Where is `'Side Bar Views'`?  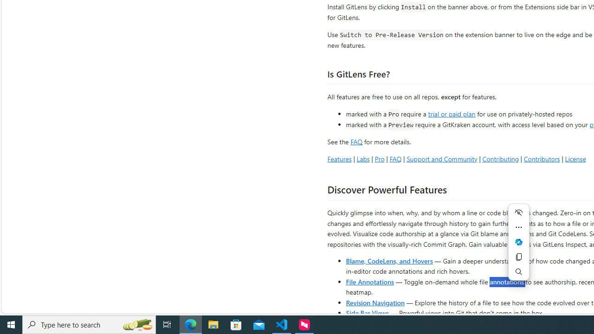
'Side Bar Views' is located at coordinates (367, 312).